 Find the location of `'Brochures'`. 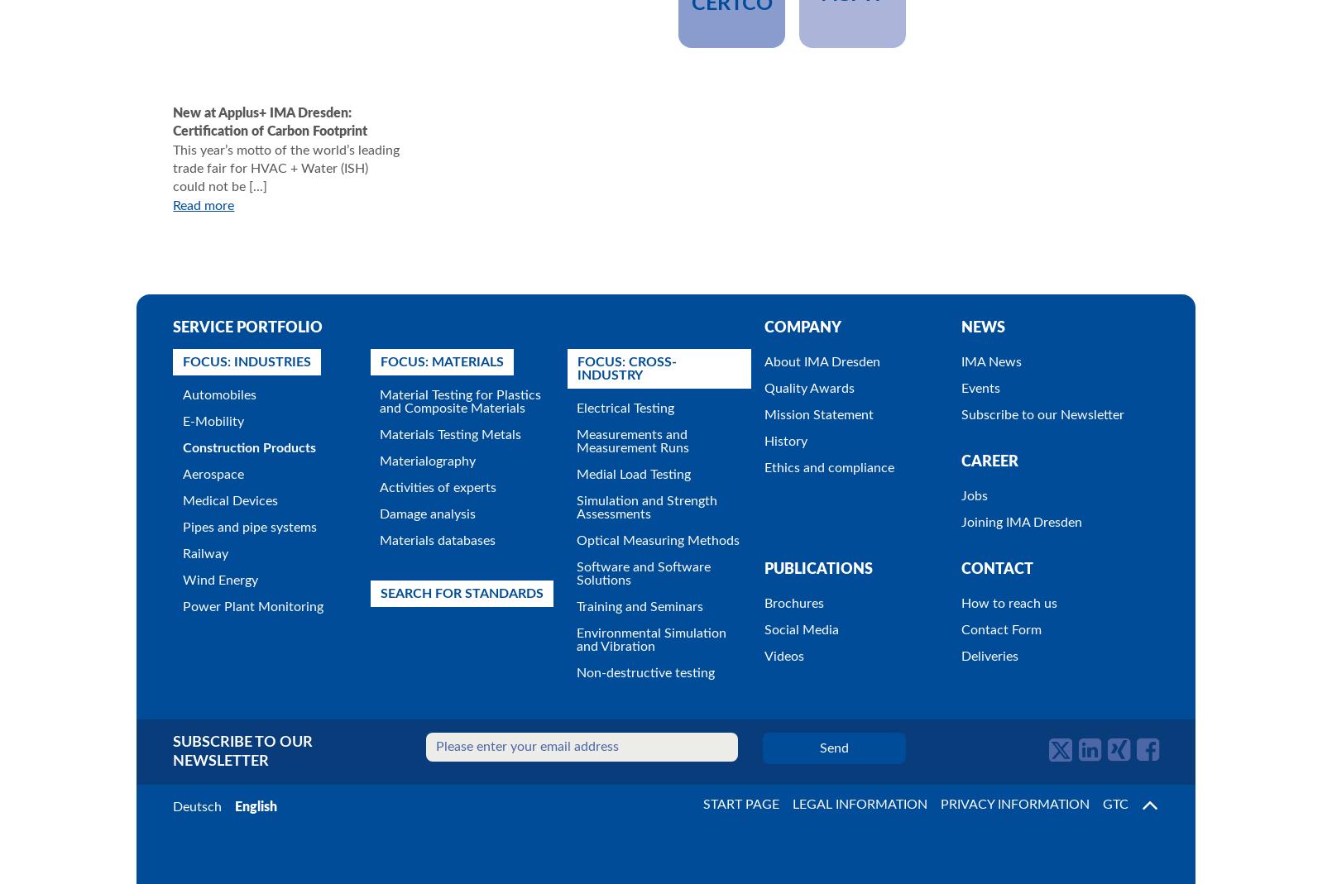

'Brochures' is located at coordinates (794, 601).